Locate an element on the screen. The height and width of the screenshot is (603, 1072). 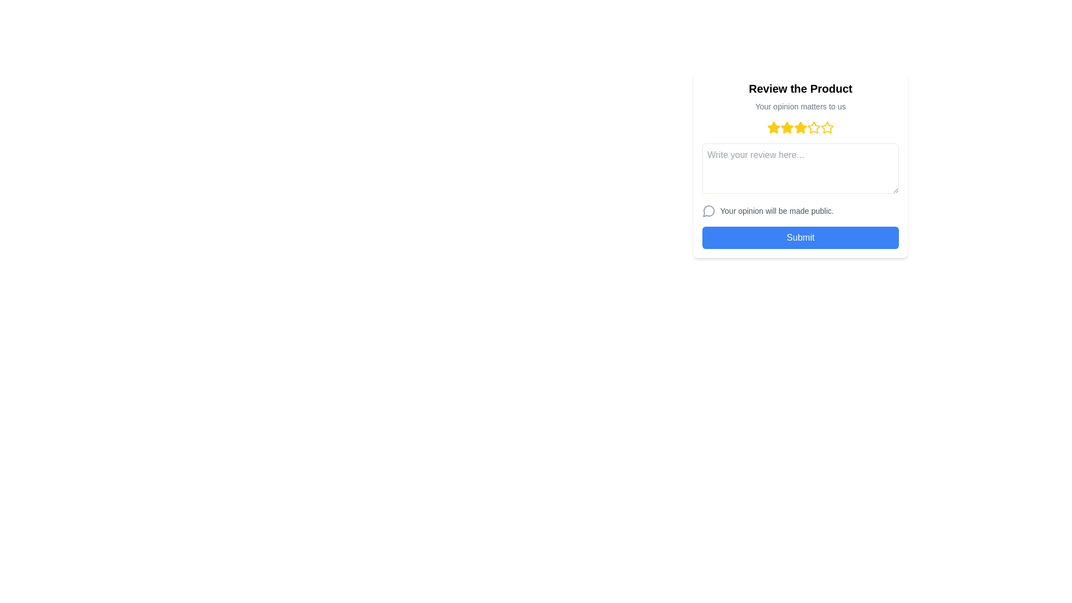
the third star icon in the rating system is located at coordinates (787, 127).